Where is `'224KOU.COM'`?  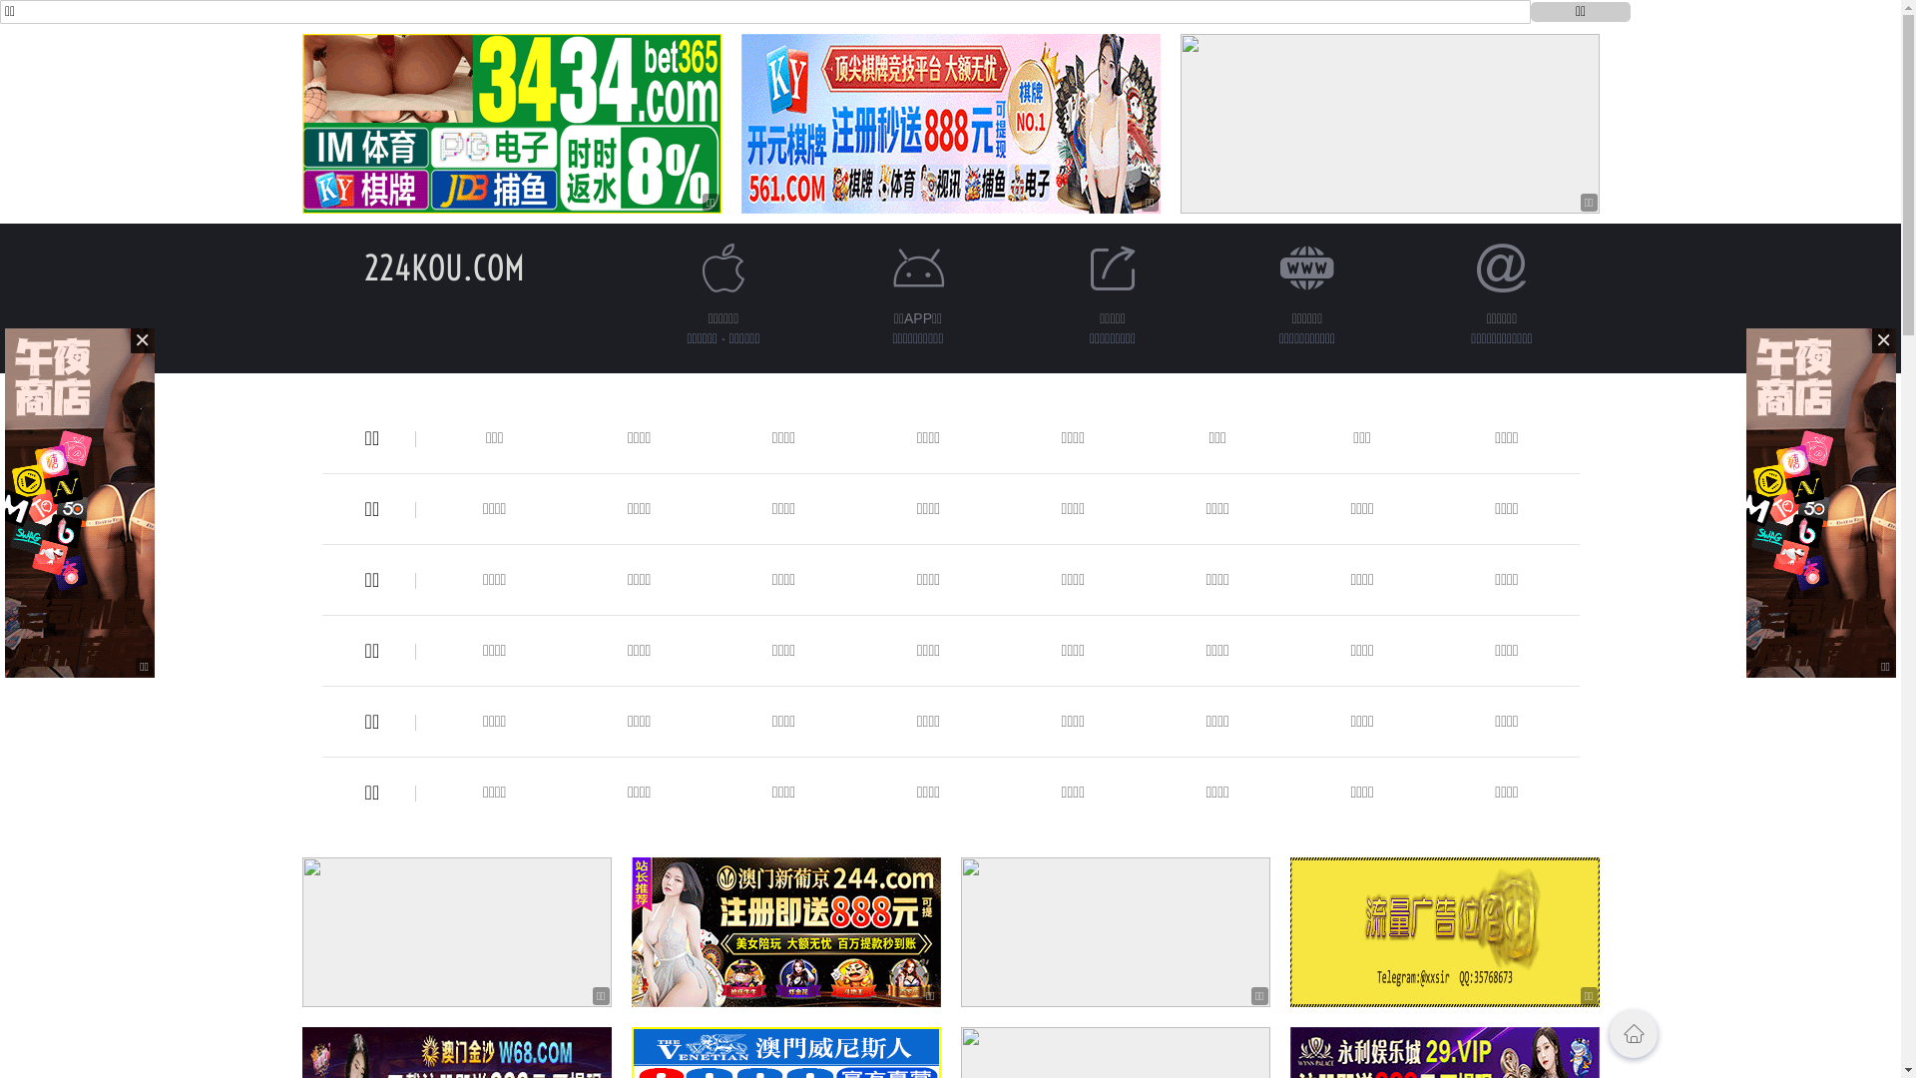 '224KOU.COM' is located at coordinates (443, 267).